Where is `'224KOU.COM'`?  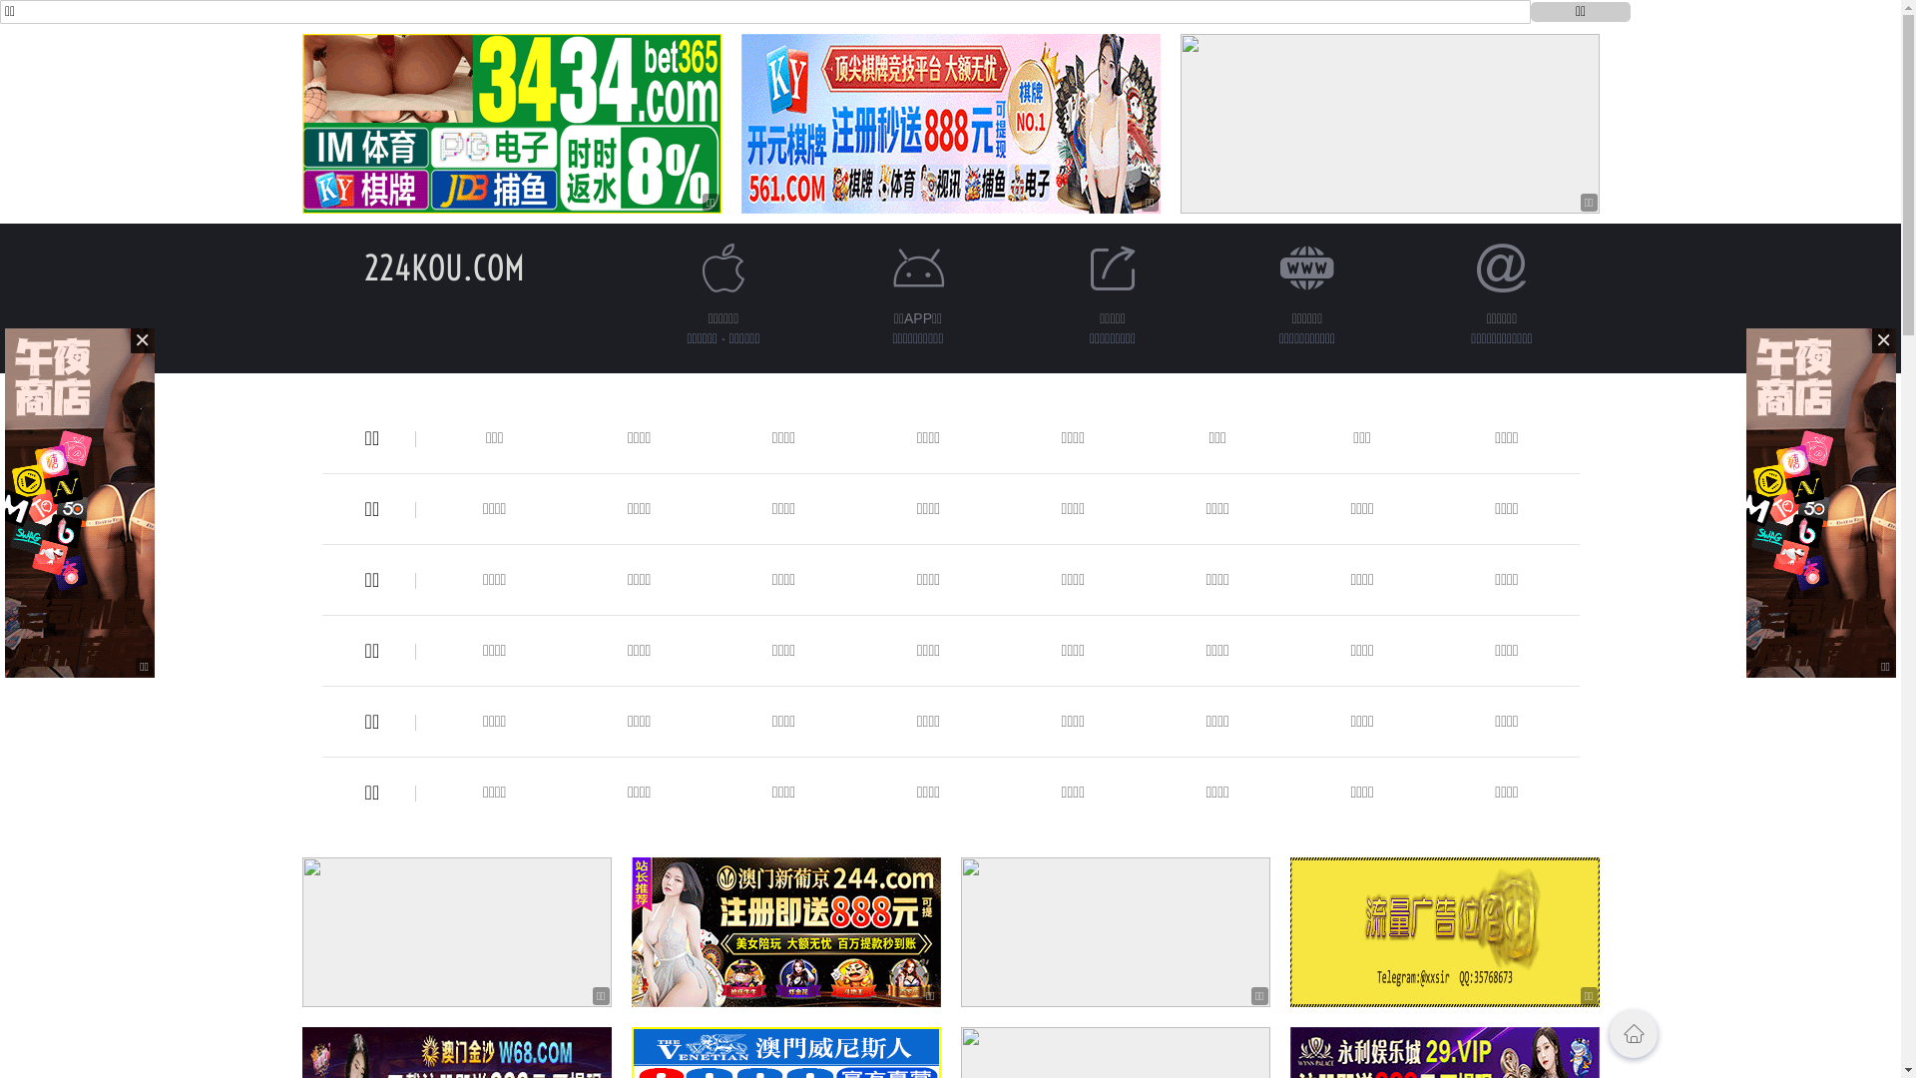 '224KOU.COM' is located at coordinates (443, 267).